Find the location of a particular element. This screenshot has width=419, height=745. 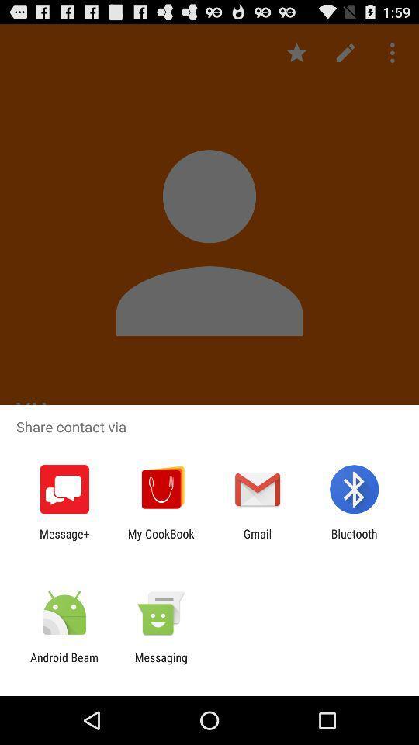

message+ is located at coordinates (64, 540).